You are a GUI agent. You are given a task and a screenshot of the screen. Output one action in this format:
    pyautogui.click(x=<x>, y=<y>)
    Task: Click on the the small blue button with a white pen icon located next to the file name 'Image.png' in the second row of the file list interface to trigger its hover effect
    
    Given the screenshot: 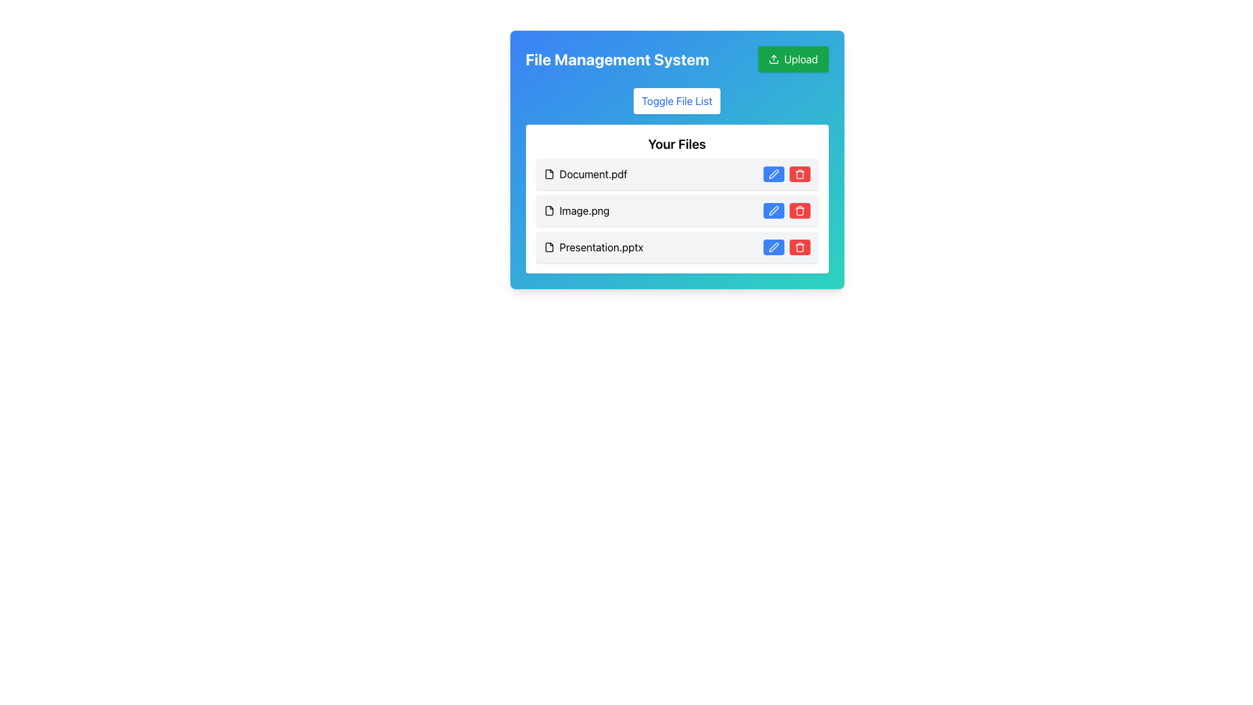 What is the action you would take?
    pyautogui.click(x=773, y=210)
    